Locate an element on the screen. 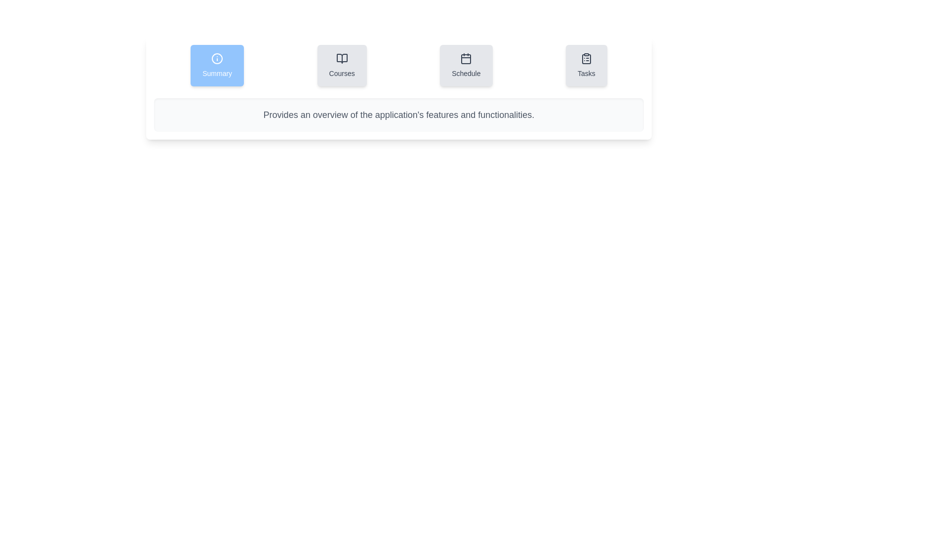  the Summary tab is located at coordinates (217, 65).